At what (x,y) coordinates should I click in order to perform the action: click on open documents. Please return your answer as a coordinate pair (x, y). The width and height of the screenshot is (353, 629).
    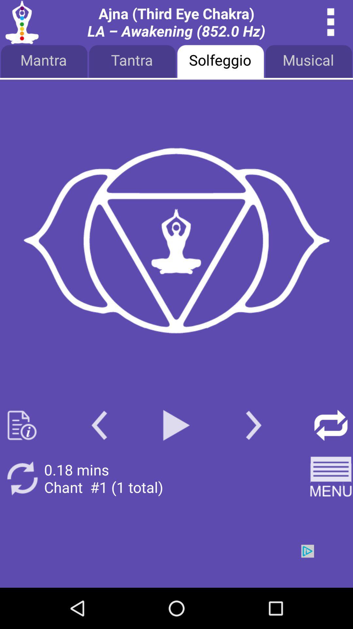
    Looking at the image, I should click on (22, 425).